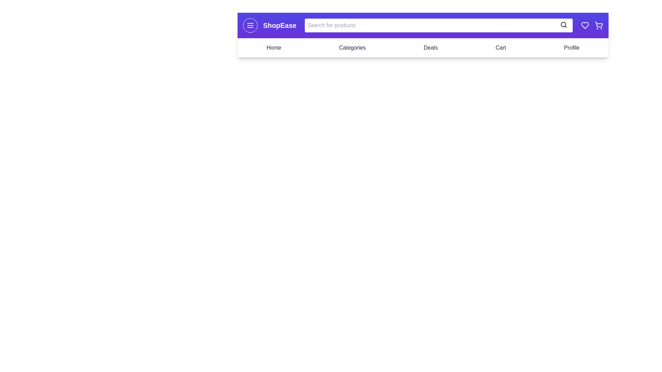  I want to click on the navigation link Profile to navigate to the respective section, so click(571, 47).